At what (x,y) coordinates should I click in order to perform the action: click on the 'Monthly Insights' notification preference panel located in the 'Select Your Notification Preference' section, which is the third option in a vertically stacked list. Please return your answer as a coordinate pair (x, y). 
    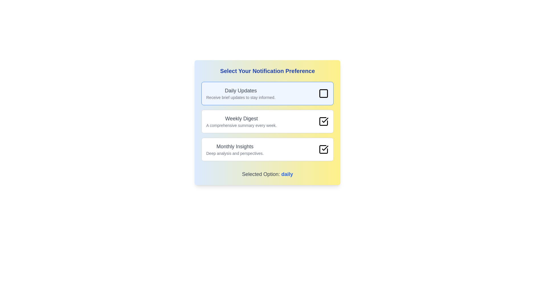
    Looking at the image, I should click on (267, 149).